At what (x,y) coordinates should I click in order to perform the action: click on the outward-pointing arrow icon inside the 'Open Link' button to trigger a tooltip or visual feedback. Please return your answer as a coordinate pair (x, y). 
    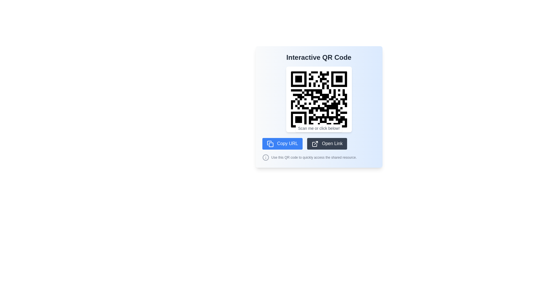
    Looking at the image, I should click on (314, 143).